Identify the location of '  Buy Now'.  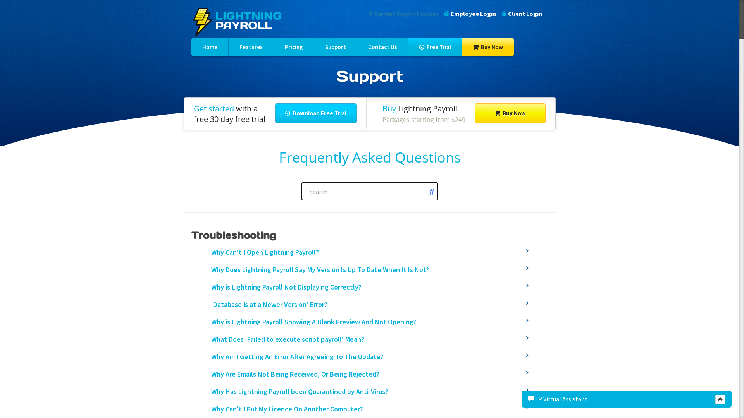
(510, 113).